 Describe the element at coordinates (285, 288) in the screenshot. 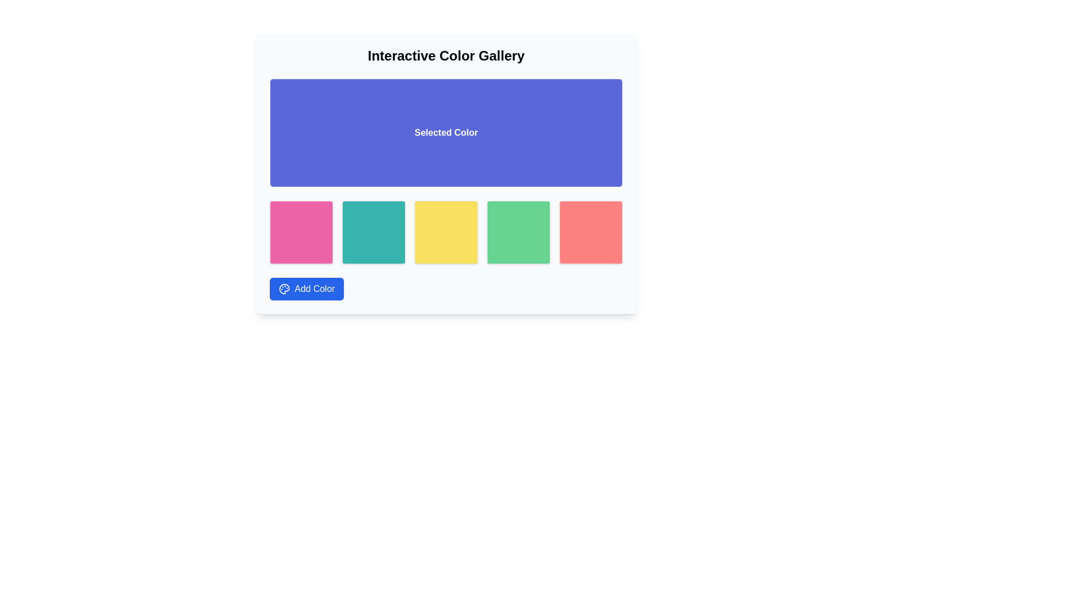

I see `the palette icon located within the 'Add Color' button at the bottom-left corner of the interface` at that location.